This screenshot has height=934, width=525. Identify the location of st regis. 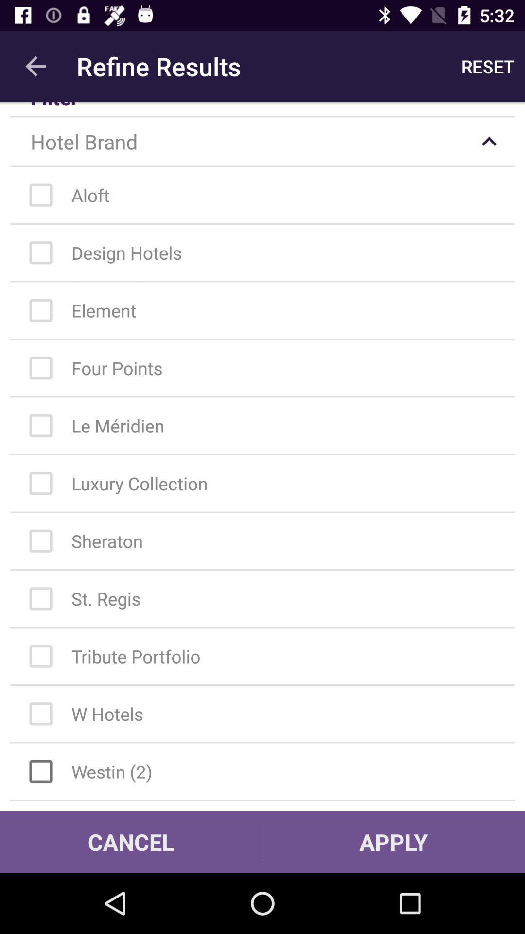
(267, 598).